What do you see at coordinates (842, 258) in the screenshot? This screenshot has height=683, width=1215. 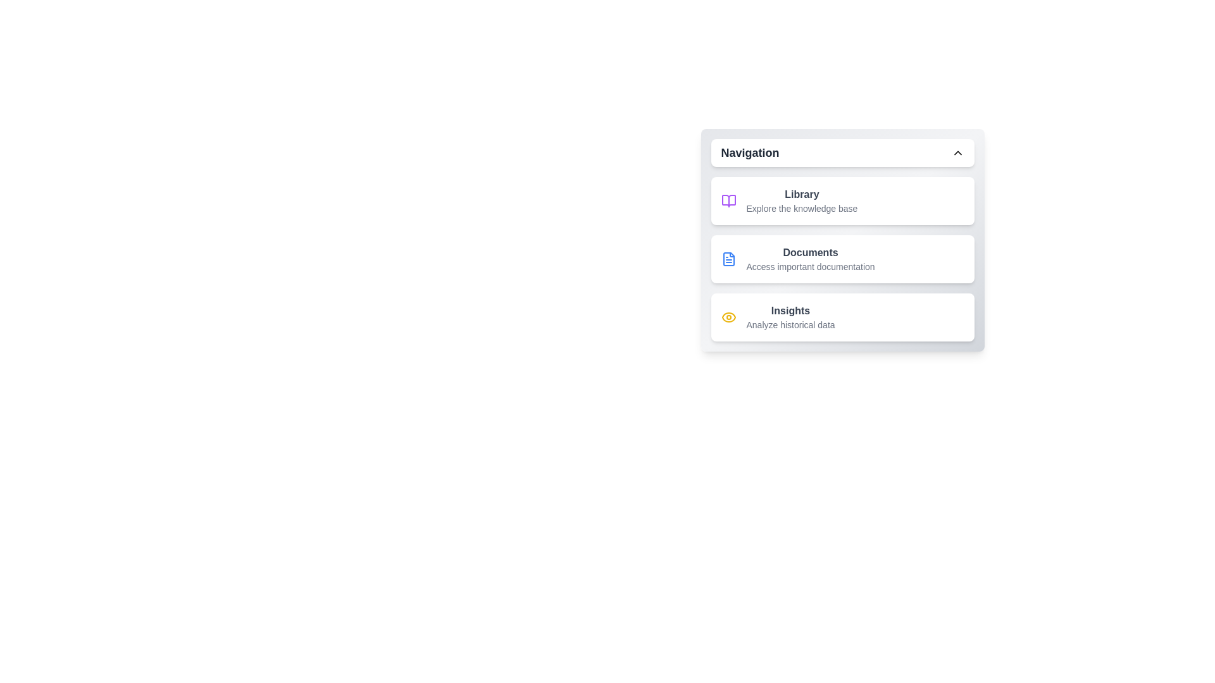 I see `the menu item labeled 'Documents' to observe the hover effect` at bounding box center [842, 258].